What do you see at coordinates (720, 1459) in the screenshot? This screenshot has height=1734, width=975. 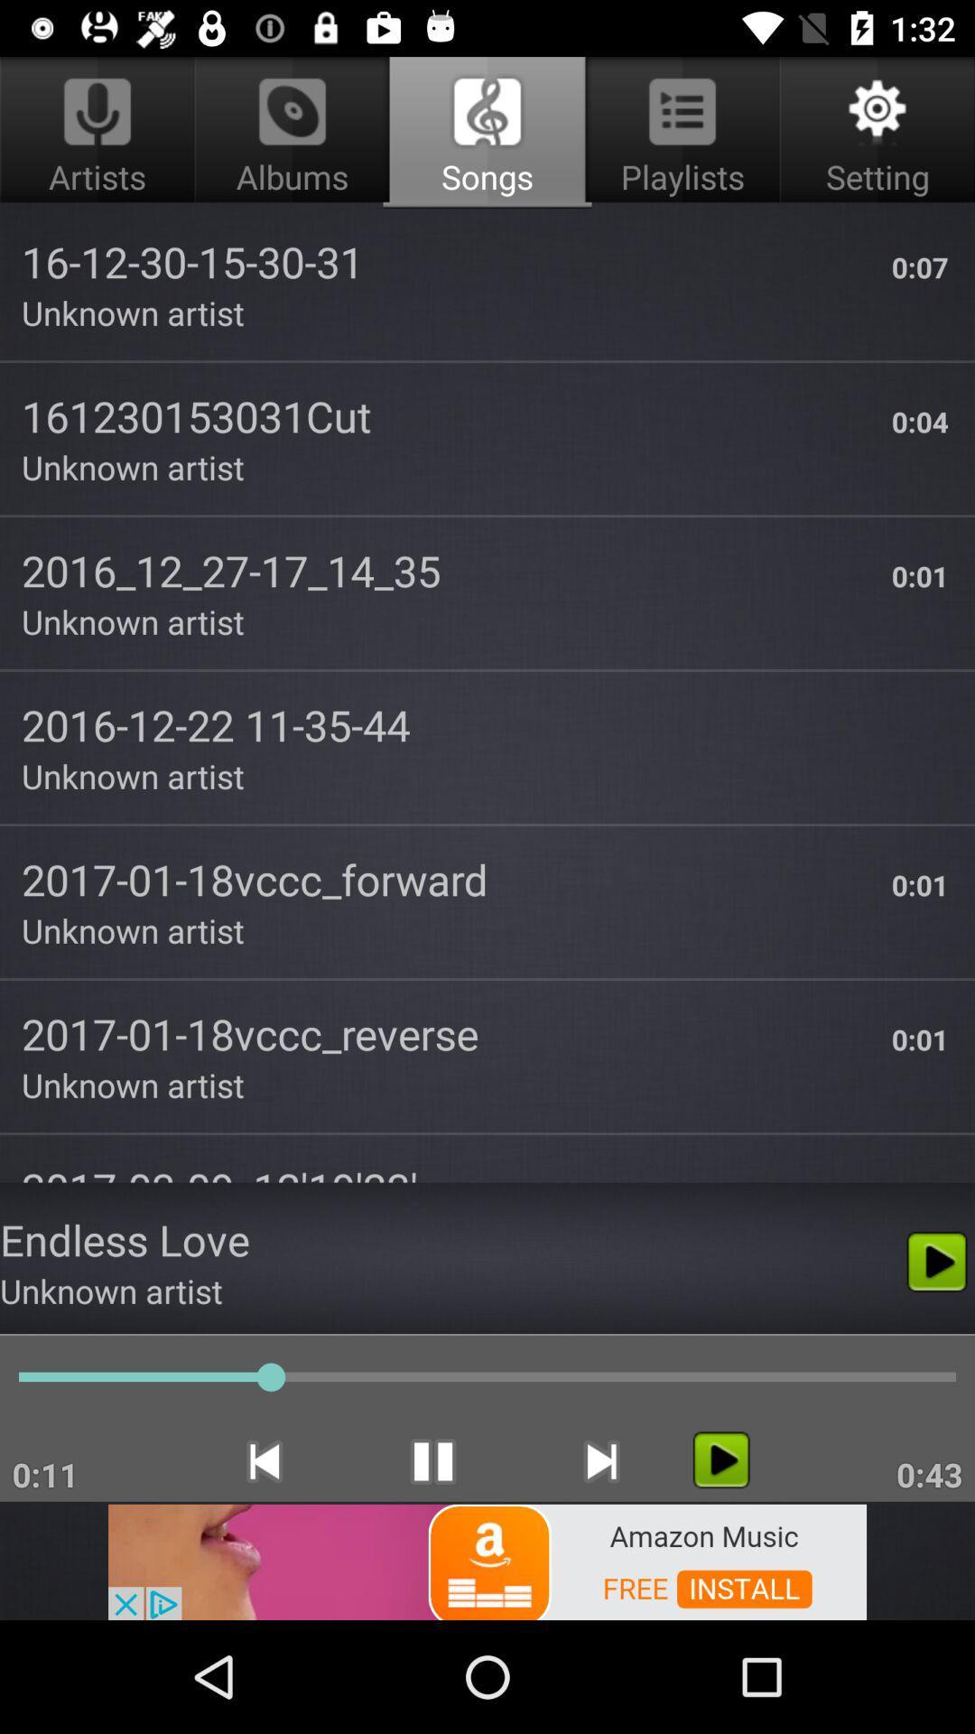 I see `the play icon` at bounding box center [720, 1459].